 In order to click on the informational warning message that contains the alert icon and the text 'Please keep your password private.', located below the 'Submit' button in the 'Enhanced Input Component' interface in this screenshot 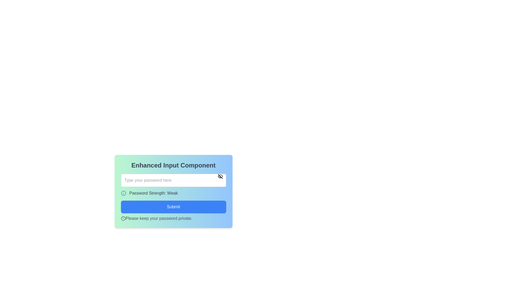, I will do `click(173, 218)`.